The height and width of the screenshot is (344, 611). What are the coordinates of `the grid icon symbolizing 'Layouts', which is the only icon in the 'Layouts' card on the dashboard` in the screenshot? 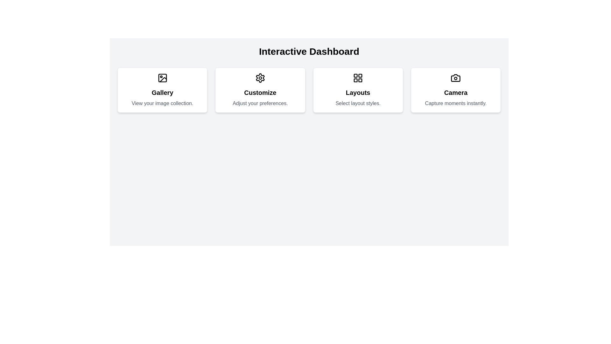 It's located at (358, 78).